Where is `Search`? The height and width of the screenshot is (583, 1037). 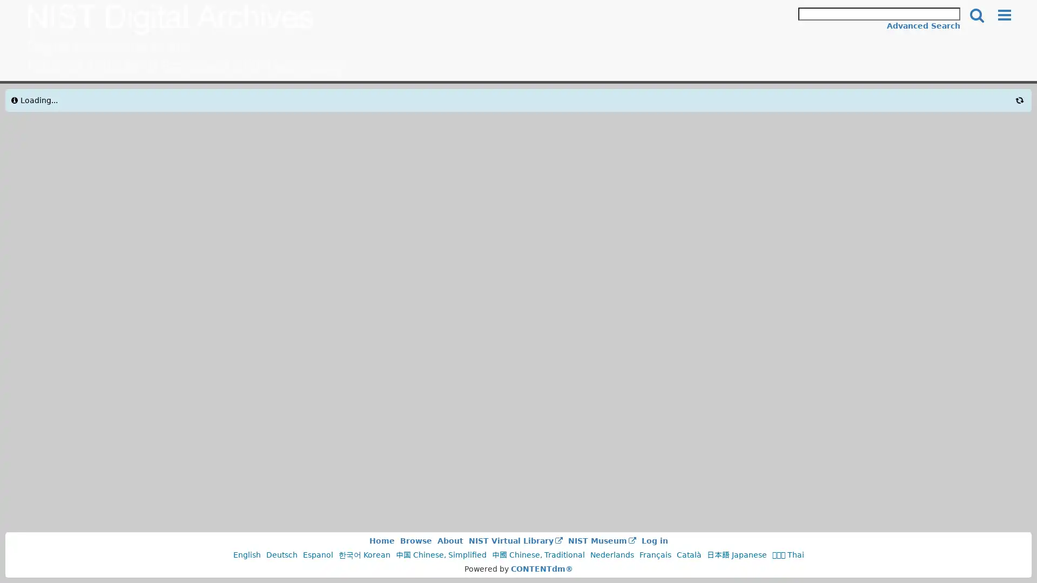 Search is located at coordinates (977, 15).